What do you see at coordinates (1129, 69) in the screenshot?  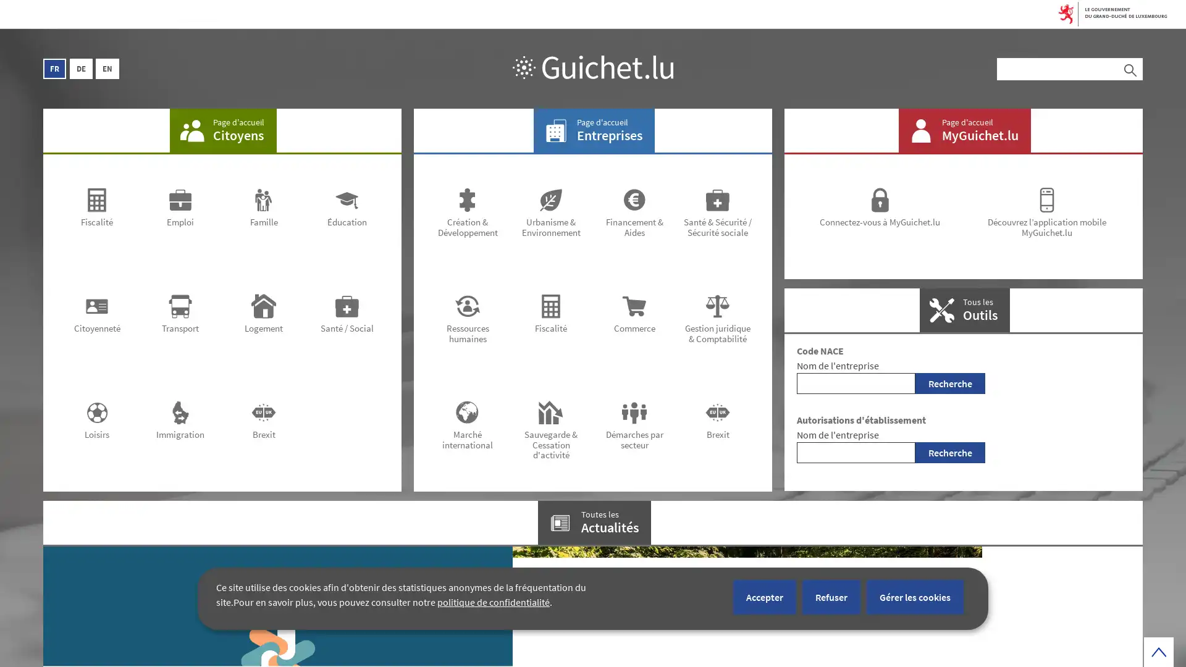 I see `Rechercher` at bounding box center [1129, 69].